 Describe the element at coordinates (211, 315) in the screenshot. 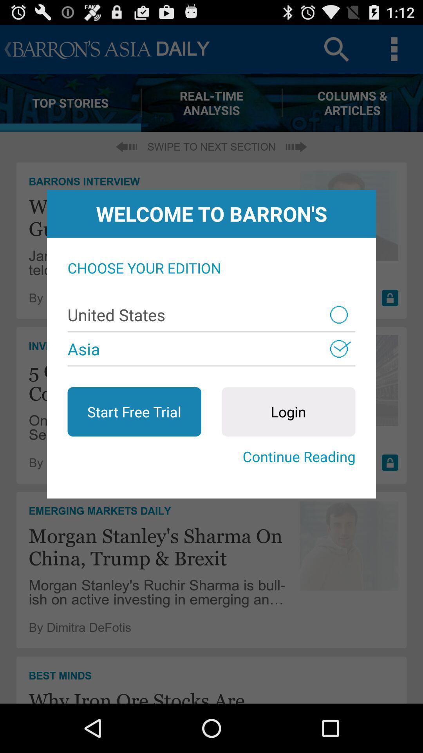

I see `item below the choose your edition app` at that location.